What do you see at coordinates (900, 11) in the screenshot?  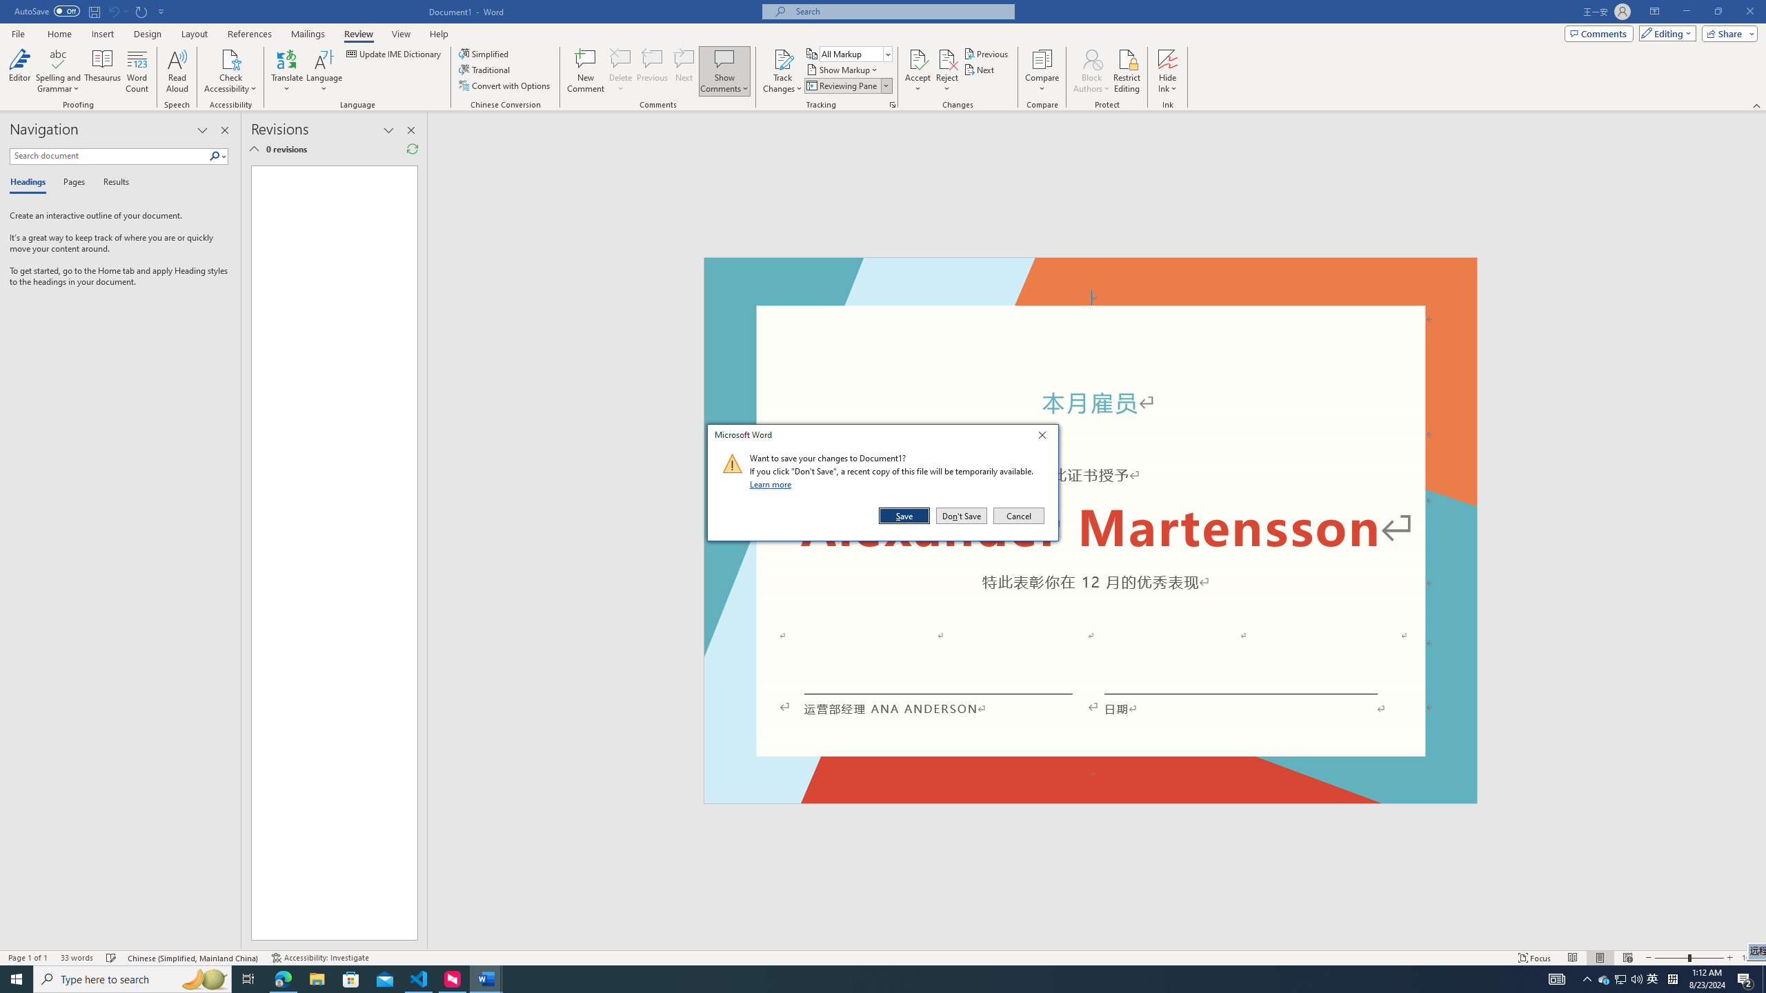 I see `'Microsoft search'` at bounding box center [900, 11].